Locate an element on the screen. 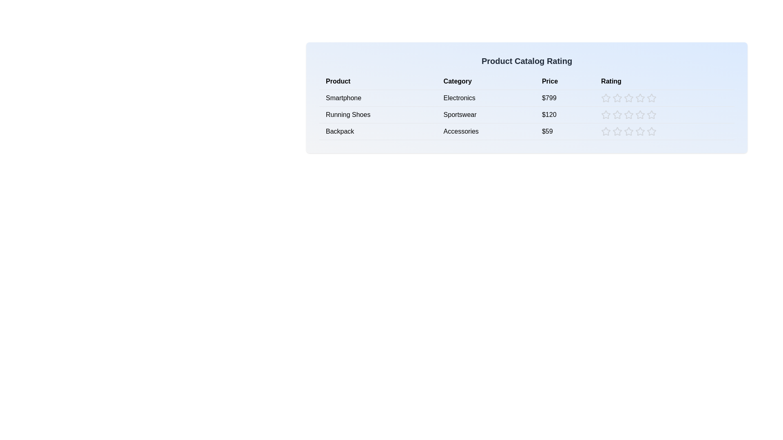  the rating for a product to 3 stars is located at coordinates (628, 97).